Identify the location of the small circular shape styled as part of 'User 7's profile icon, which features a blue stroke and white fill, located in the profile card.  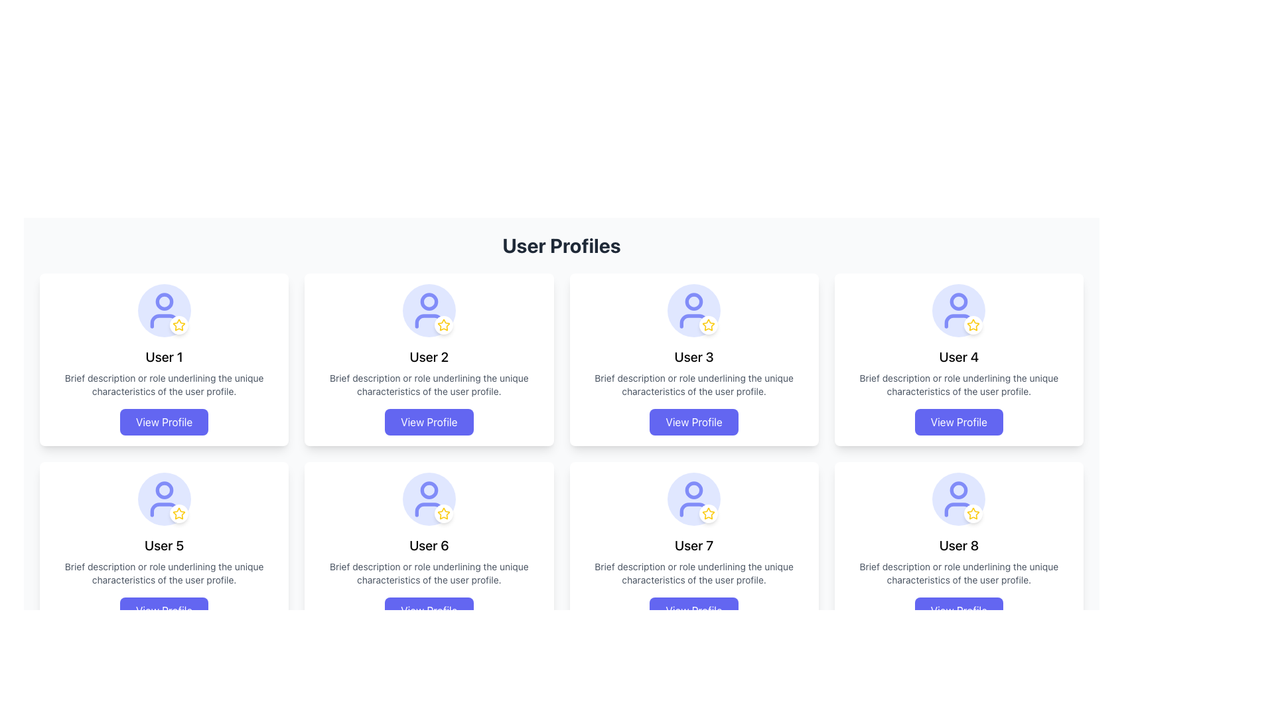
(693, 490).